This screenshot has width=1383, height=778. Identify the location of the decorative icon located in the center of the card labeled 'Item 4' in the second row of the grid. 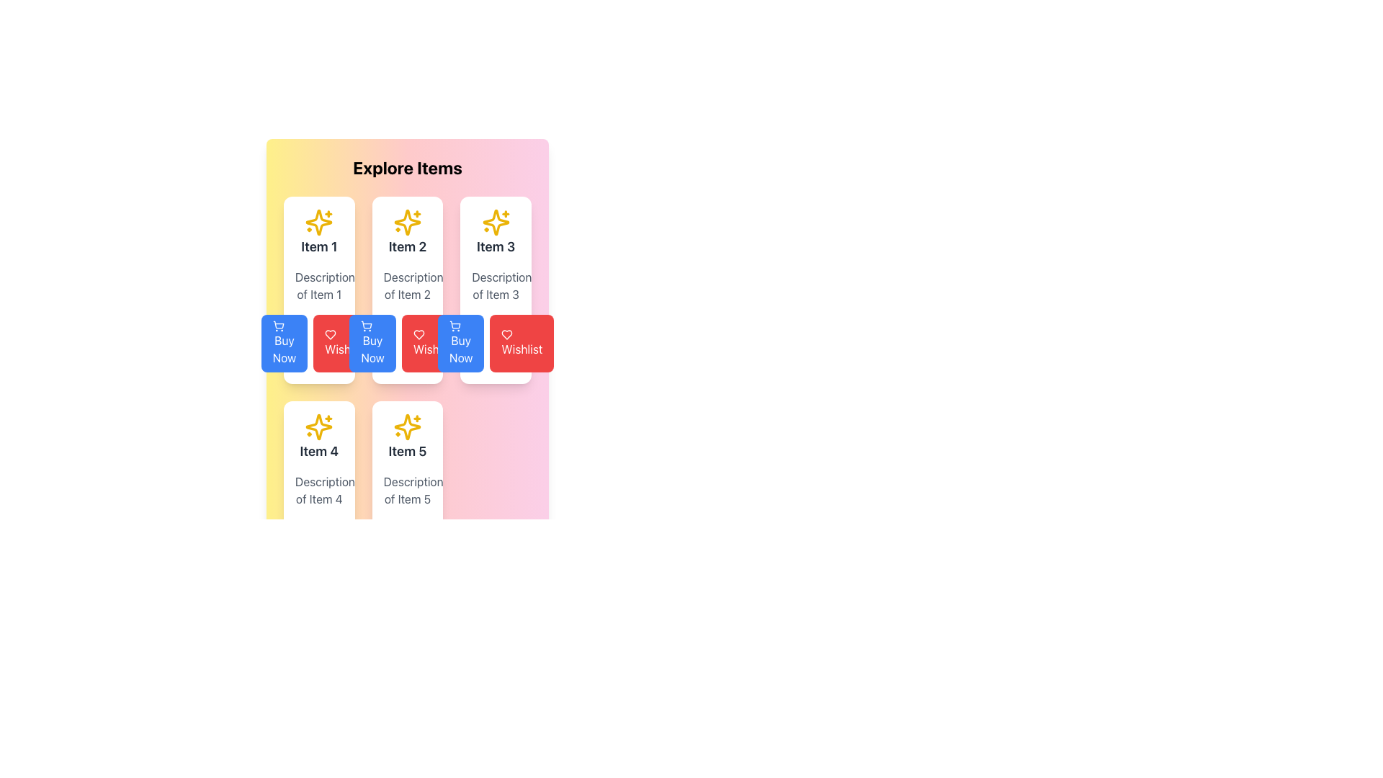
(318, 426).